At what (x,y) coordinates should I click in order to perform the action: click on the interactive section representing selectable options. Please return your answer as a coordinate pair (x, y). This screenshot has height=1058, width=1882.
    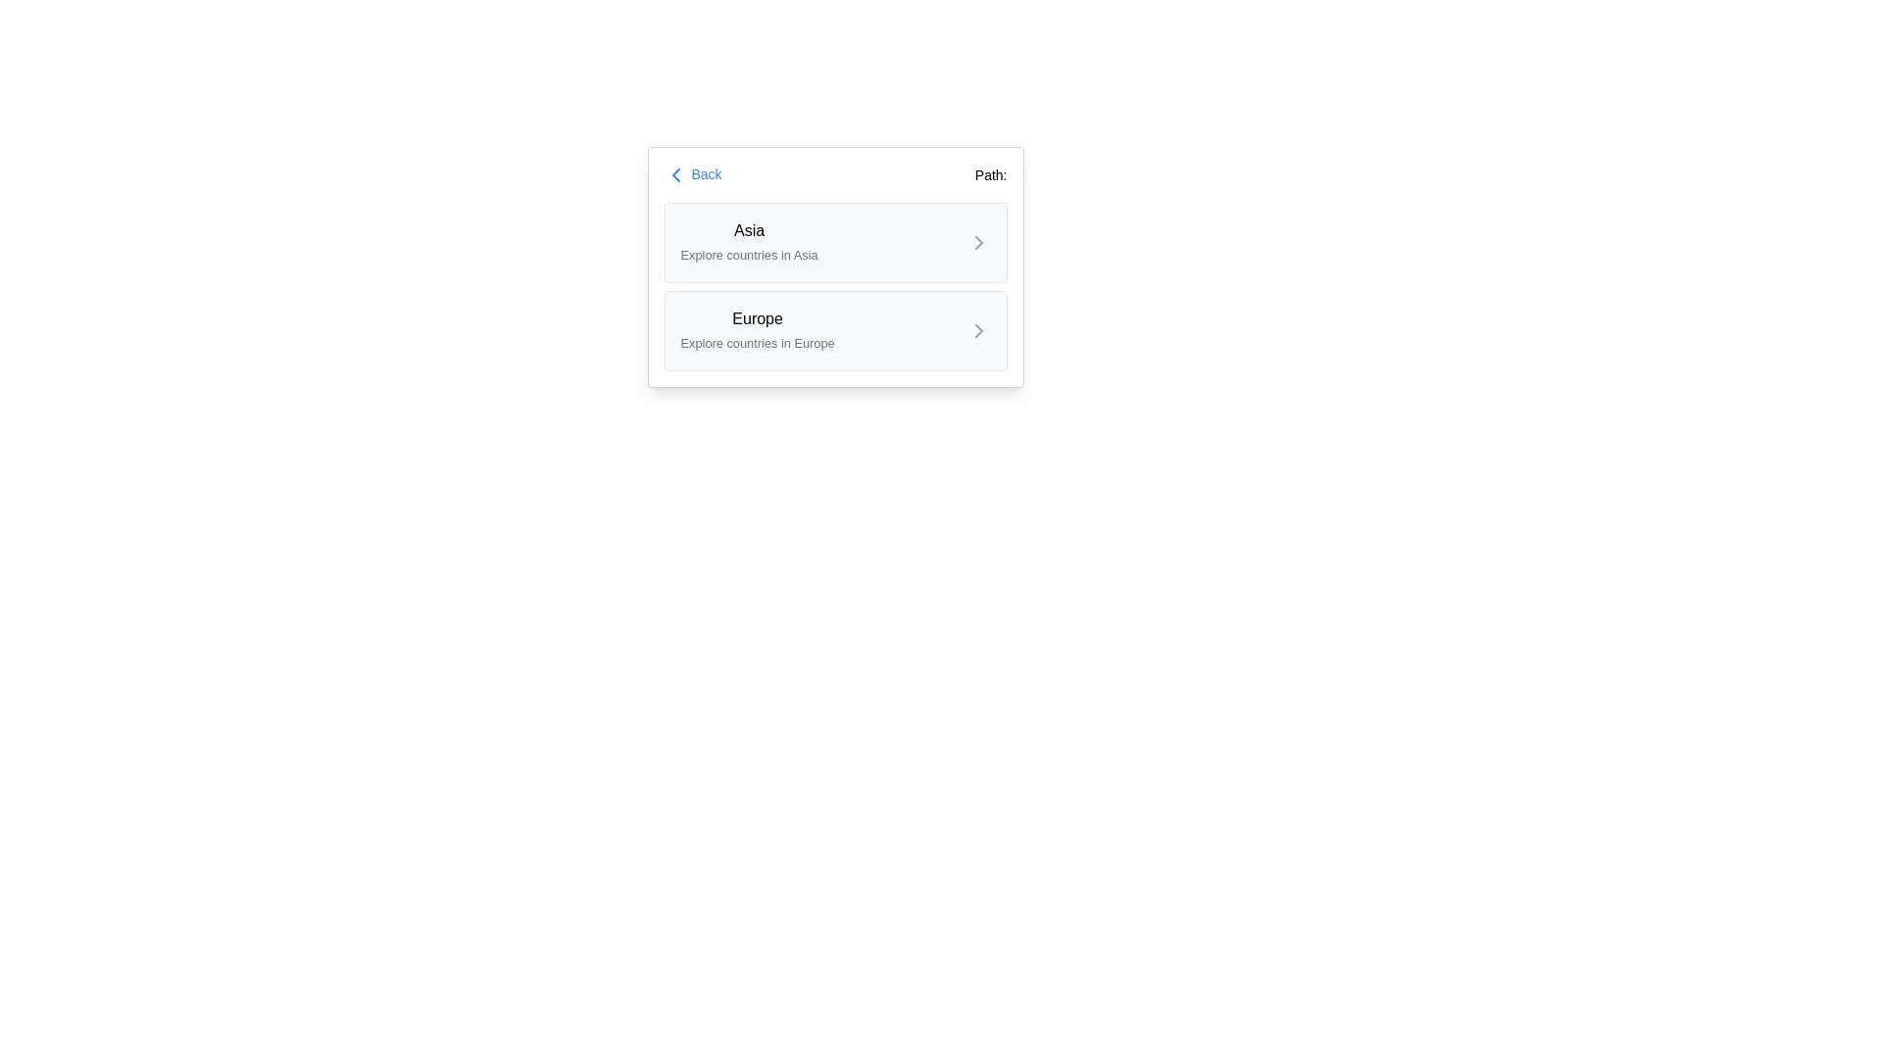
    Looking at the image, I should click on (835, 267).